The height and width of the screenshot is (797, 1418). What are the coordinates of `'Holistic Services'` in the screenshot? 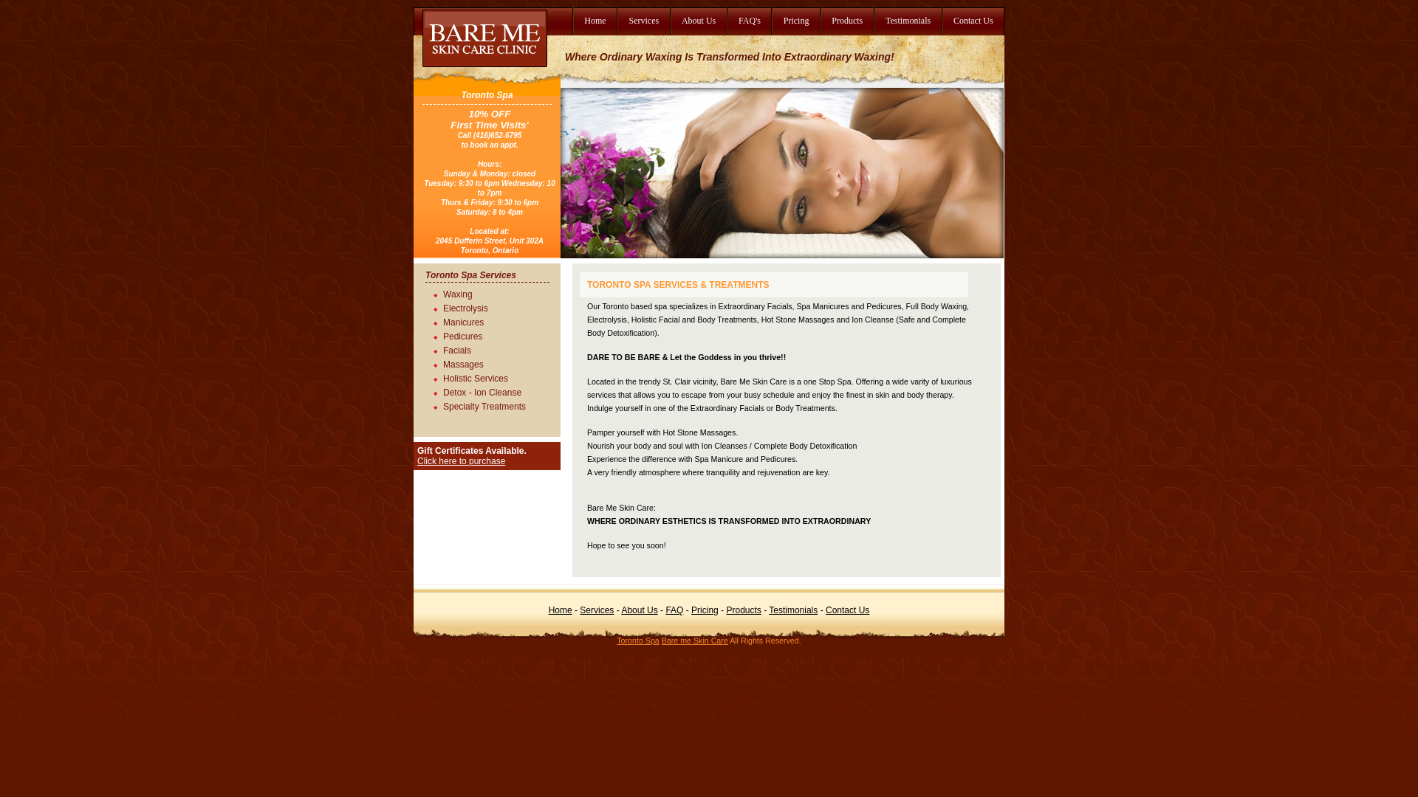 It's located at (442, 376).